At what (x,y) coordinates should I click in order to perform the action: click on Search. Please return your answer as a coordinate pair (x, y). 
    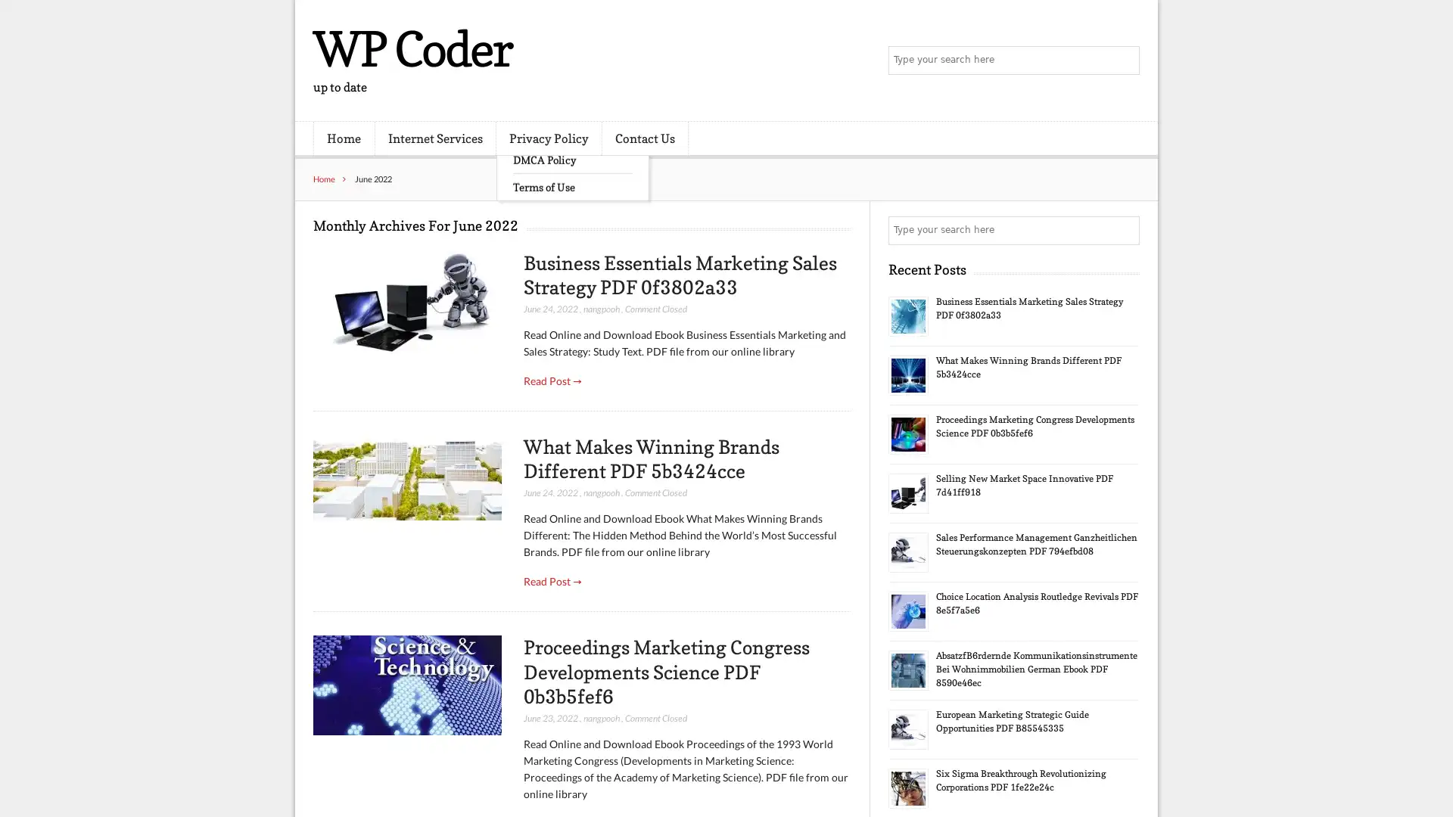
    Looking at the image, I should click on (1124, 61).